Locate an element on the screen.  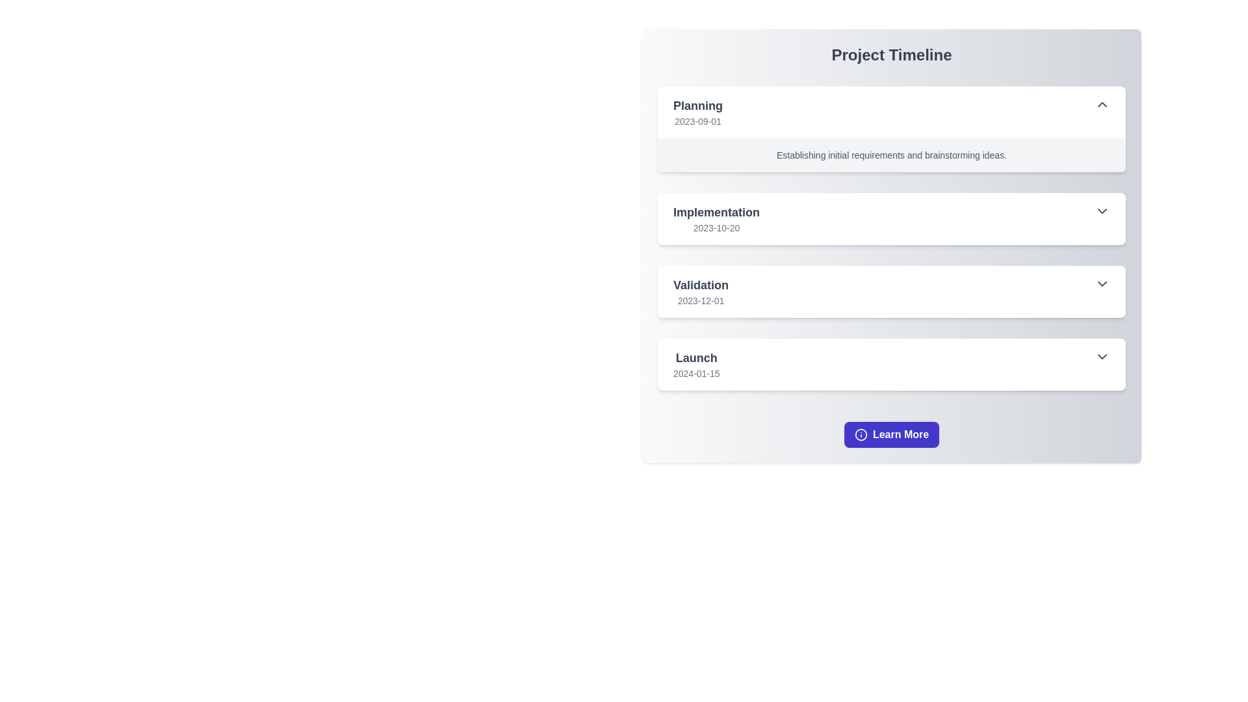
the chevron up icon button located on the far right side of the 'Planning' item row within the 'Project Timeline' section is located at coordinates (1101, 104).